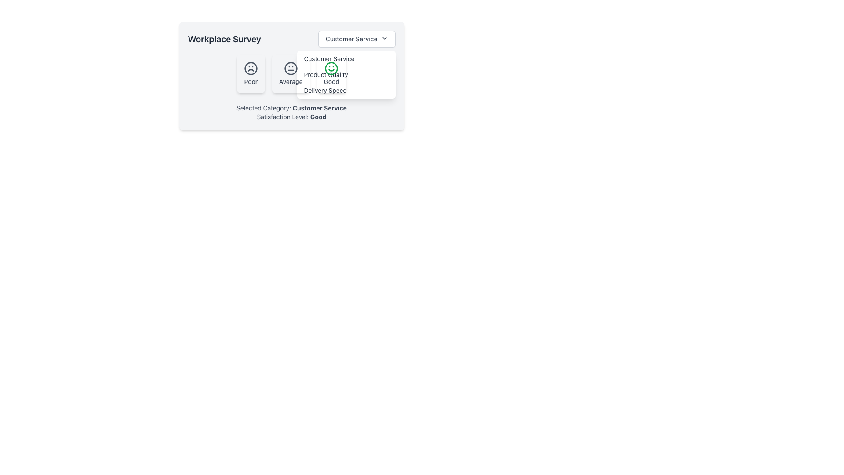 This screenshot has height=475, width=844. I want to click on the 'Customer Service' text label, which is displayed in bold and part of the phrase 'Selected Category: Customer Service', so click(319, 107).